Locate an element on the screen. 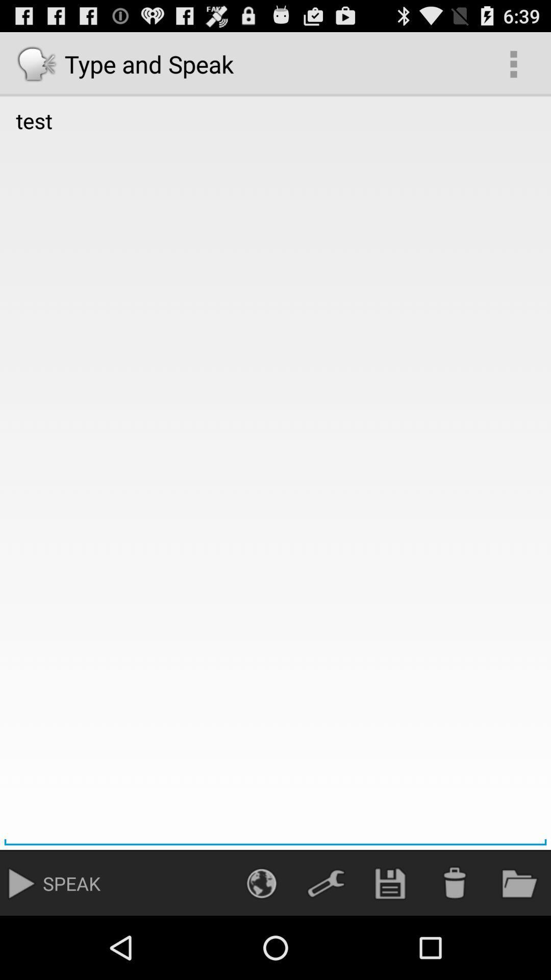  the build icon is located at coordinates (326, 945).